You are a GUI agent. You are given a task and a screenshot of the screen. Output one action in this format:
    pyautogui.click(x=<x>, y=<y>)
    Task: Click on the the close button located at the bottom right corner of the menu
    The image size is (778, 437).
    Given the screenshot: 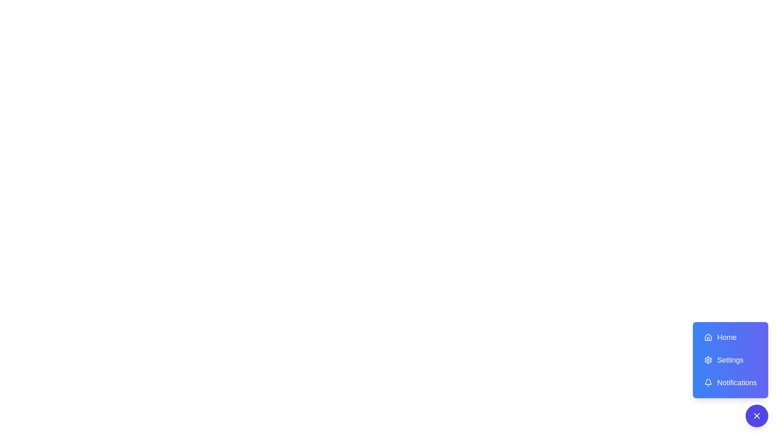 What is the action you would take?
    pyautogui.click(x=756, y=416)
    